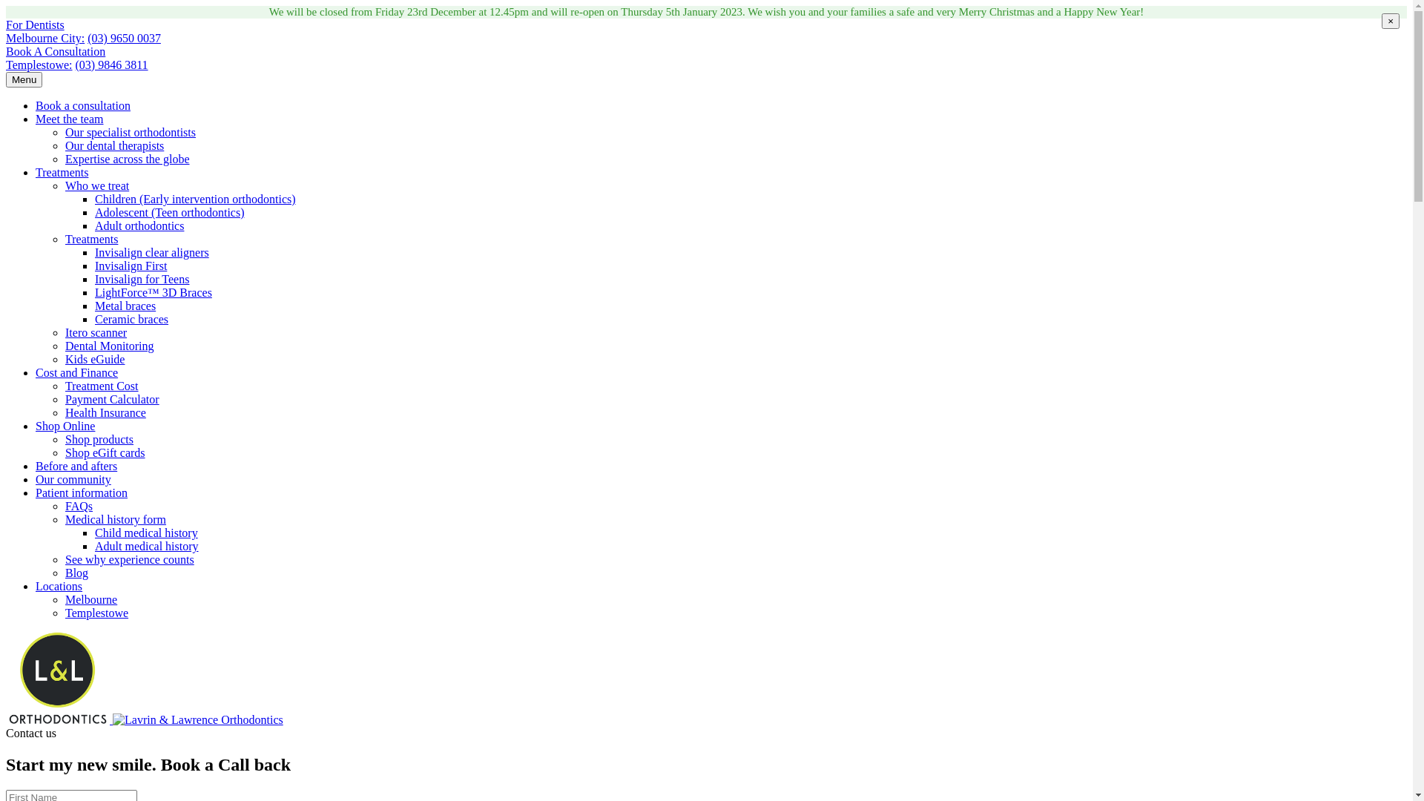 This screenshot has height=801, width=1424. I want to click on 'Treatments', so click(61, 171).